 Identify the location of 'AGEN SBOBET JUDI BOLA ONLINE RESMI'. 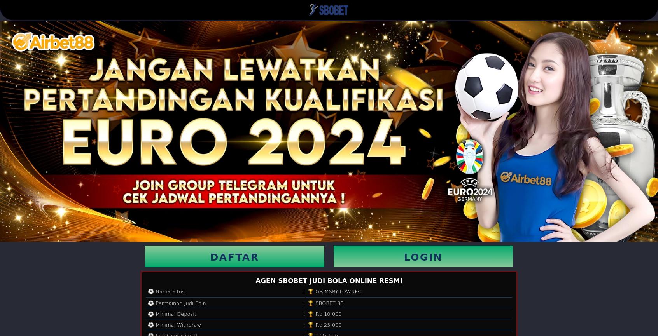
(329, 280).